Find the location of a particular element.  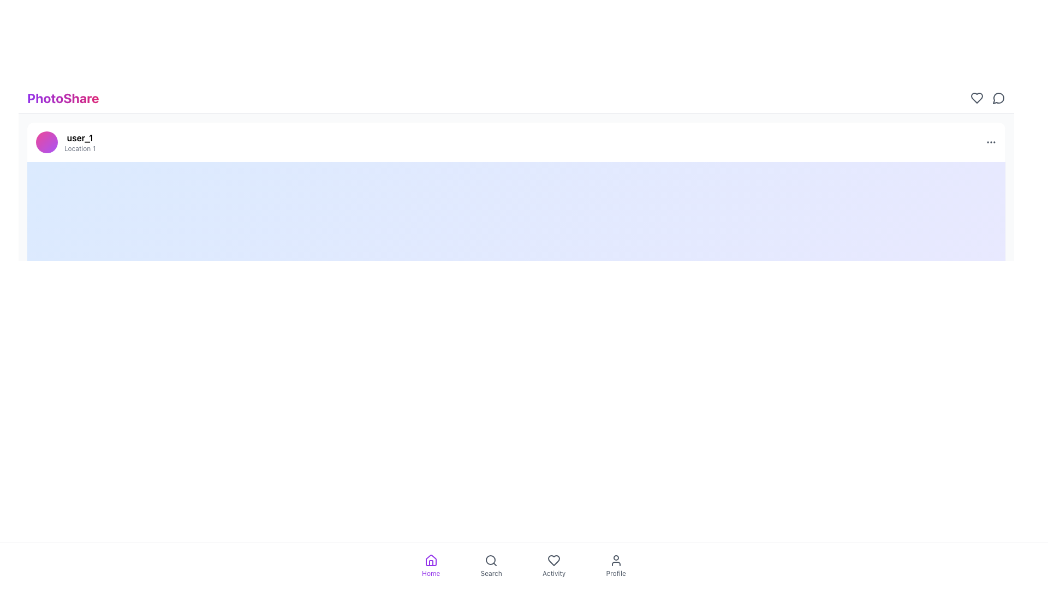

the interactive icon buttons in the horizontal button group located in the top-right corner of the 'PhotoShare' interface is located at coordinates (987, 98).